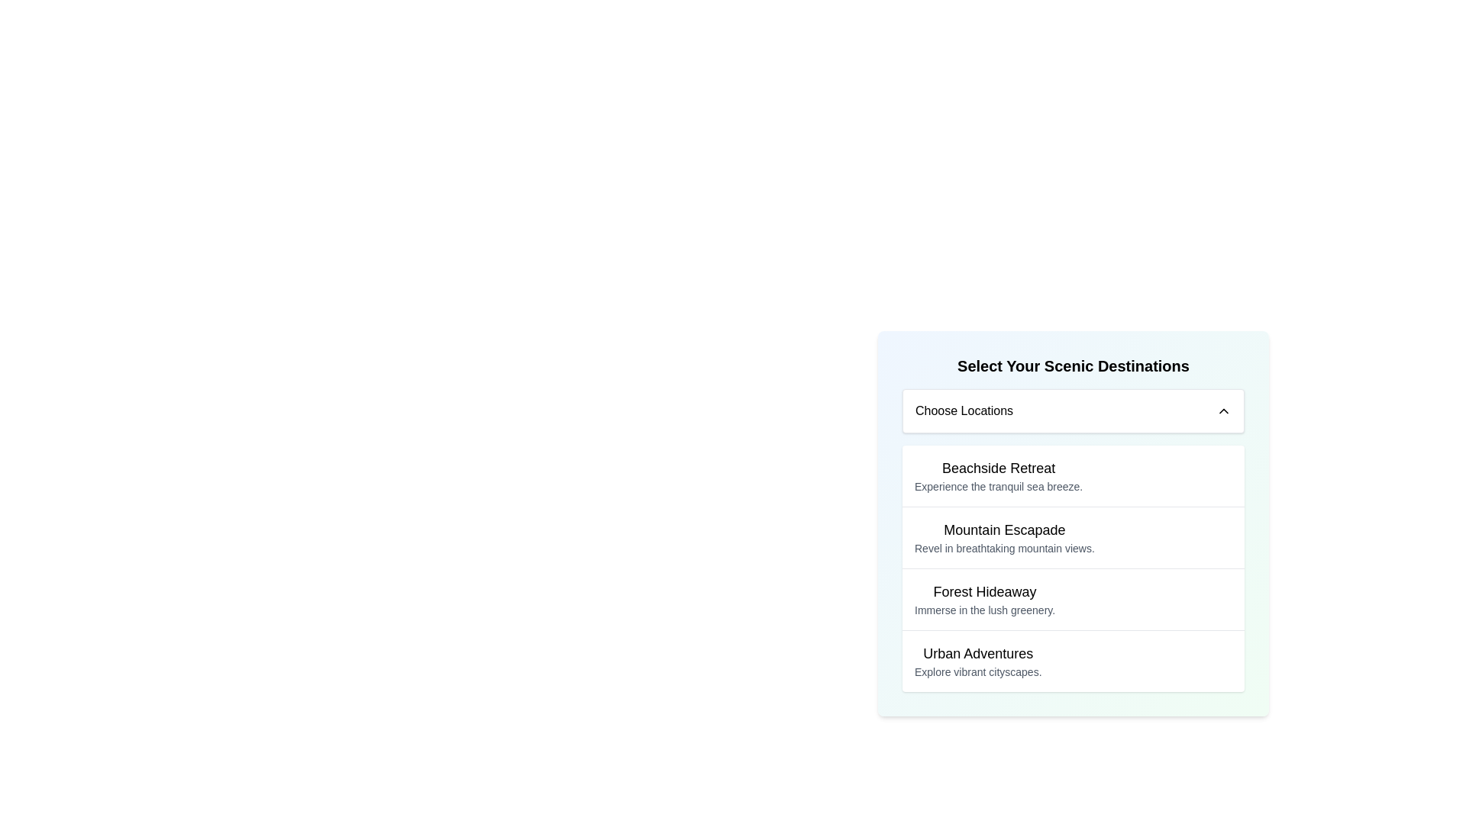 This screenshot has width=1466, height=824. What do you see at coordinates (1073, 536) in the screenshot?
I see `the selectable list item card titled 'Mountain Escapade', which features a bold title and a descriptive subtitle, positioned as the second element in a vertical list of scenic destinations` at bounding box center [1073, 536].